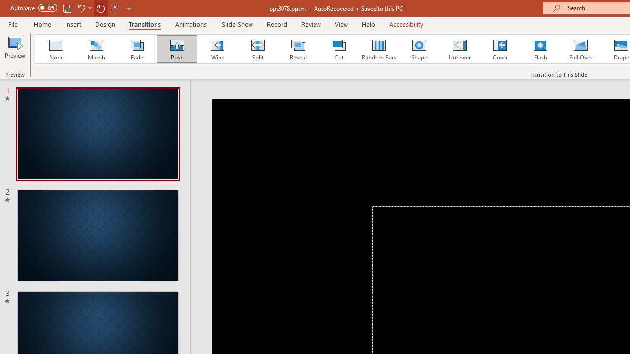 This screenshot has height=354, width=630. What do you see at coordinates (500, 49) in the screenshot?
I see `'Cover'` at bounding box center [500, 49].